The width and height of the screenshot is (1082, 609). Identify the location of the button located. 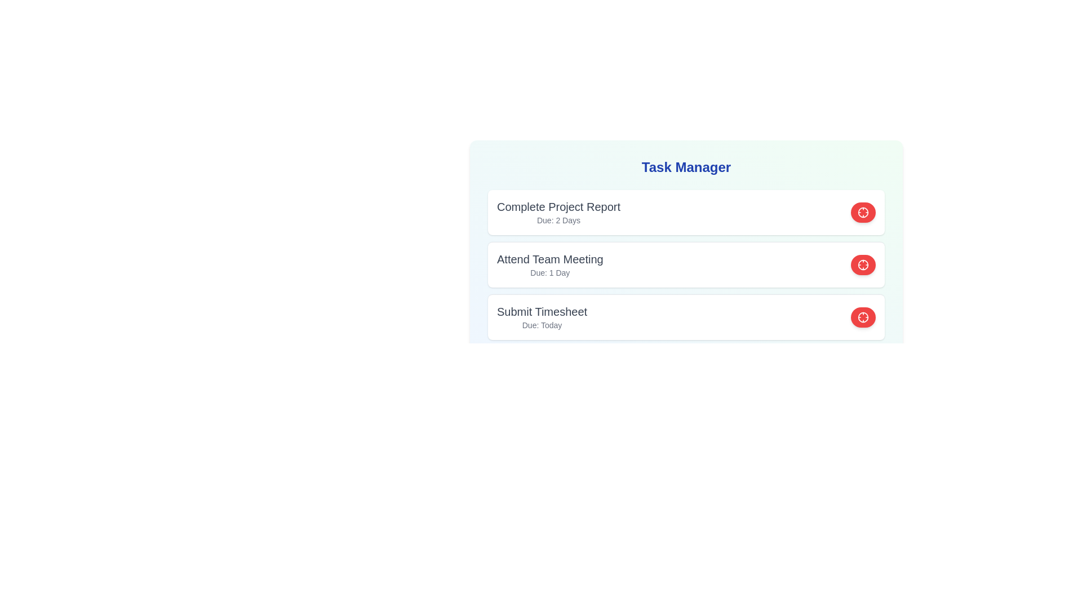
(862, 213).